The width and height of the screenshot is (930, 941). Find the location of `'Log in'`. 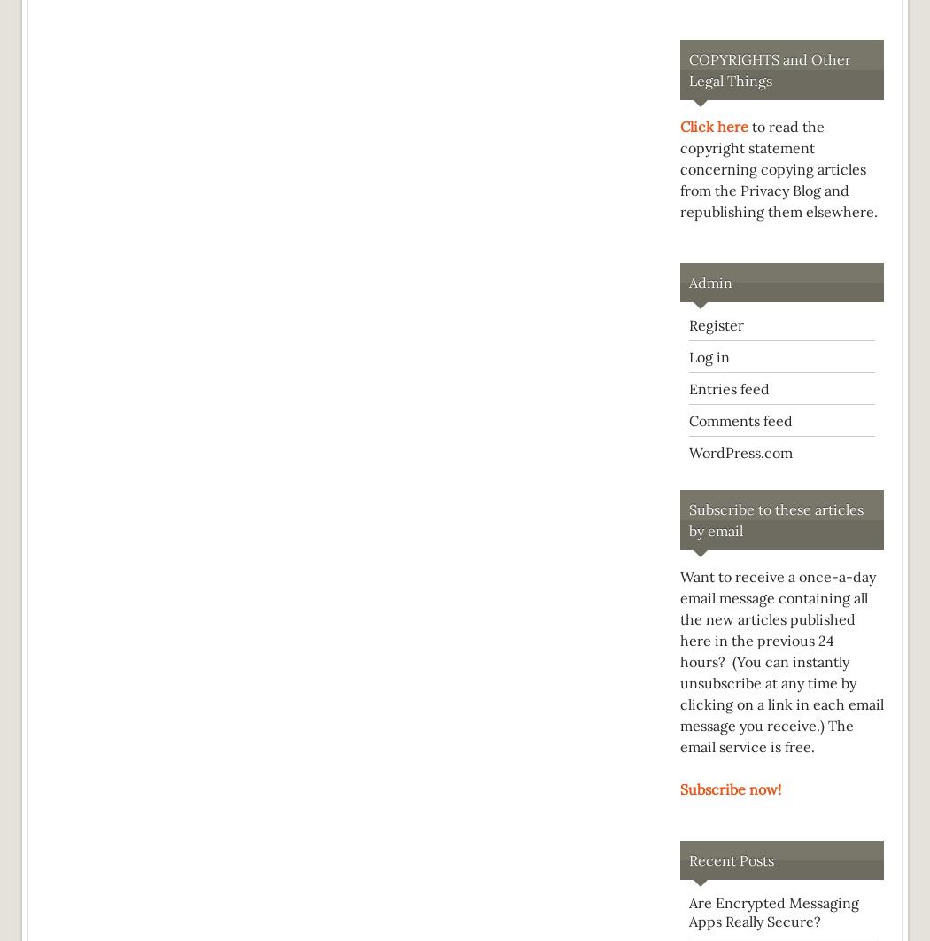

'Log in' is located at coordinates (709, 356).